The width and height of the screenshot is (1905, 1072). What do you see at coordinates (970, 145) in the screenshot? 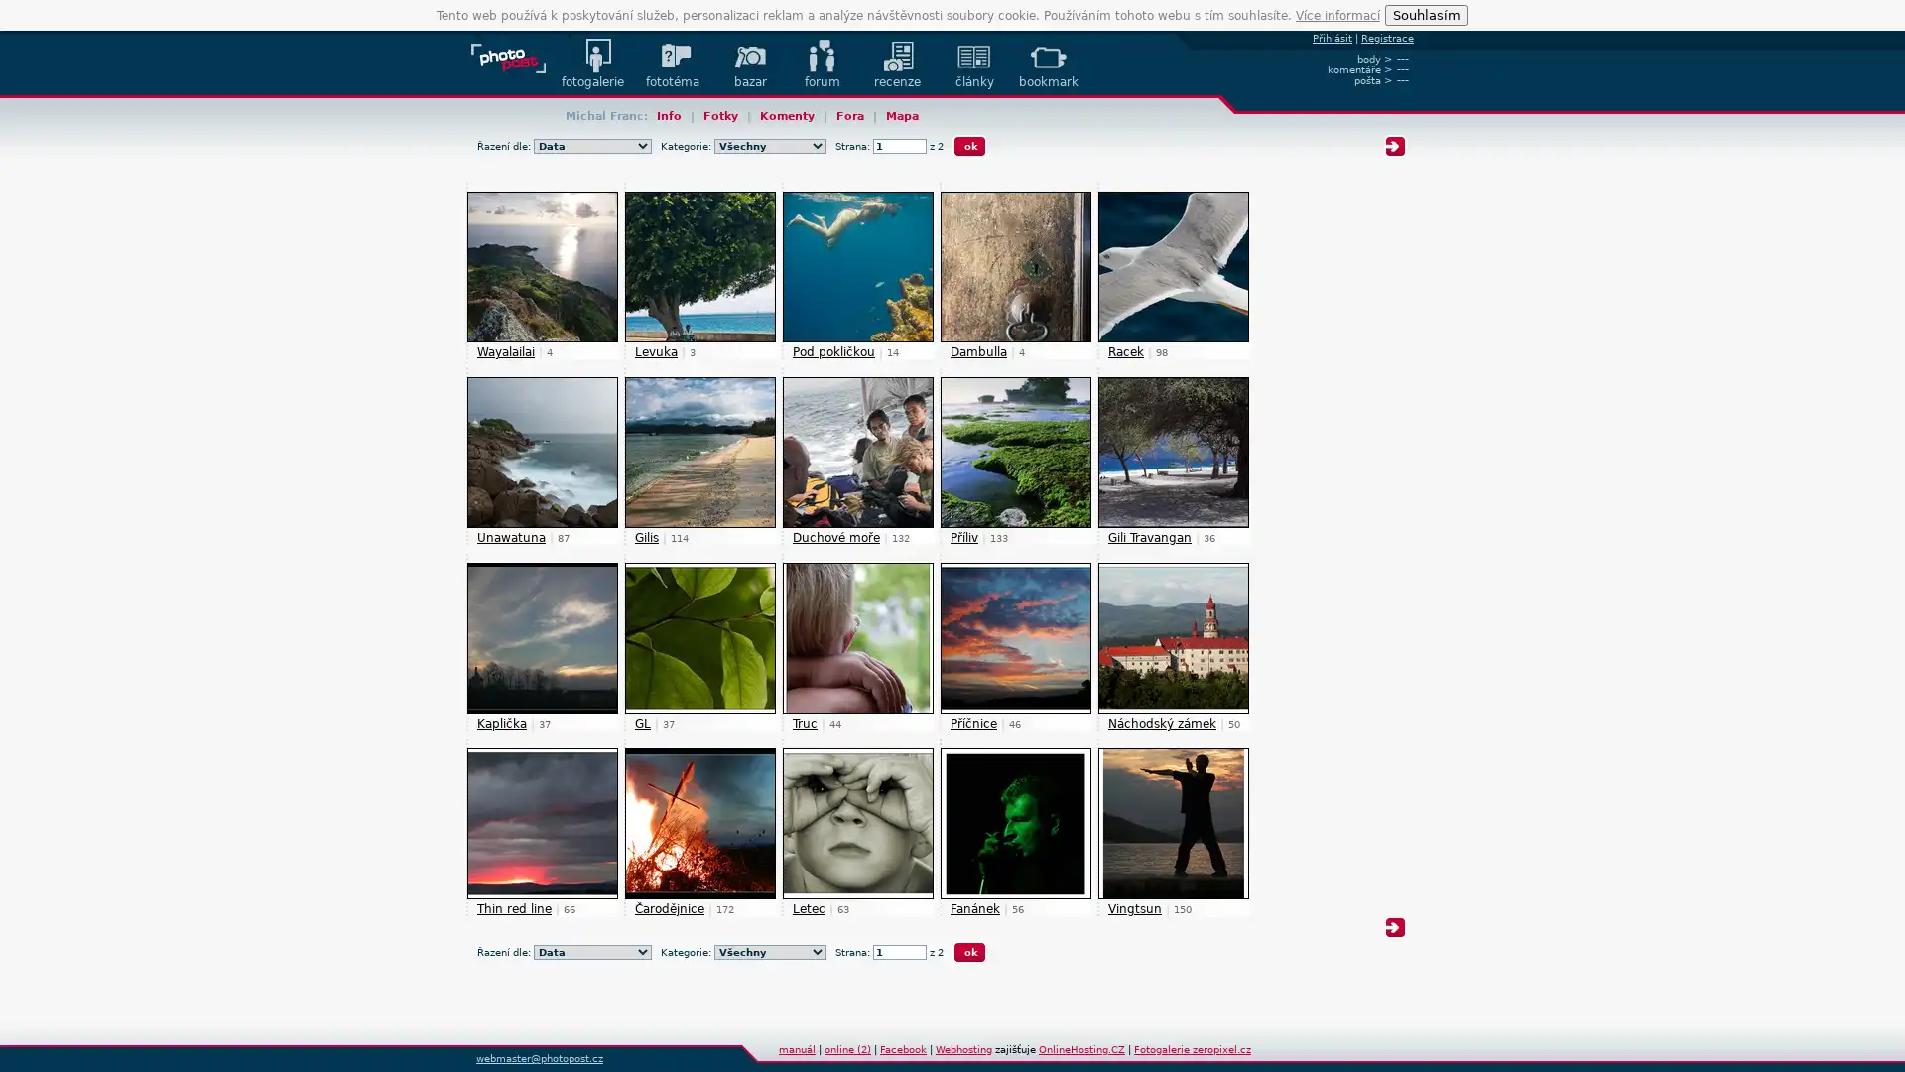
I see `ok` at bounding box center [970, 145].